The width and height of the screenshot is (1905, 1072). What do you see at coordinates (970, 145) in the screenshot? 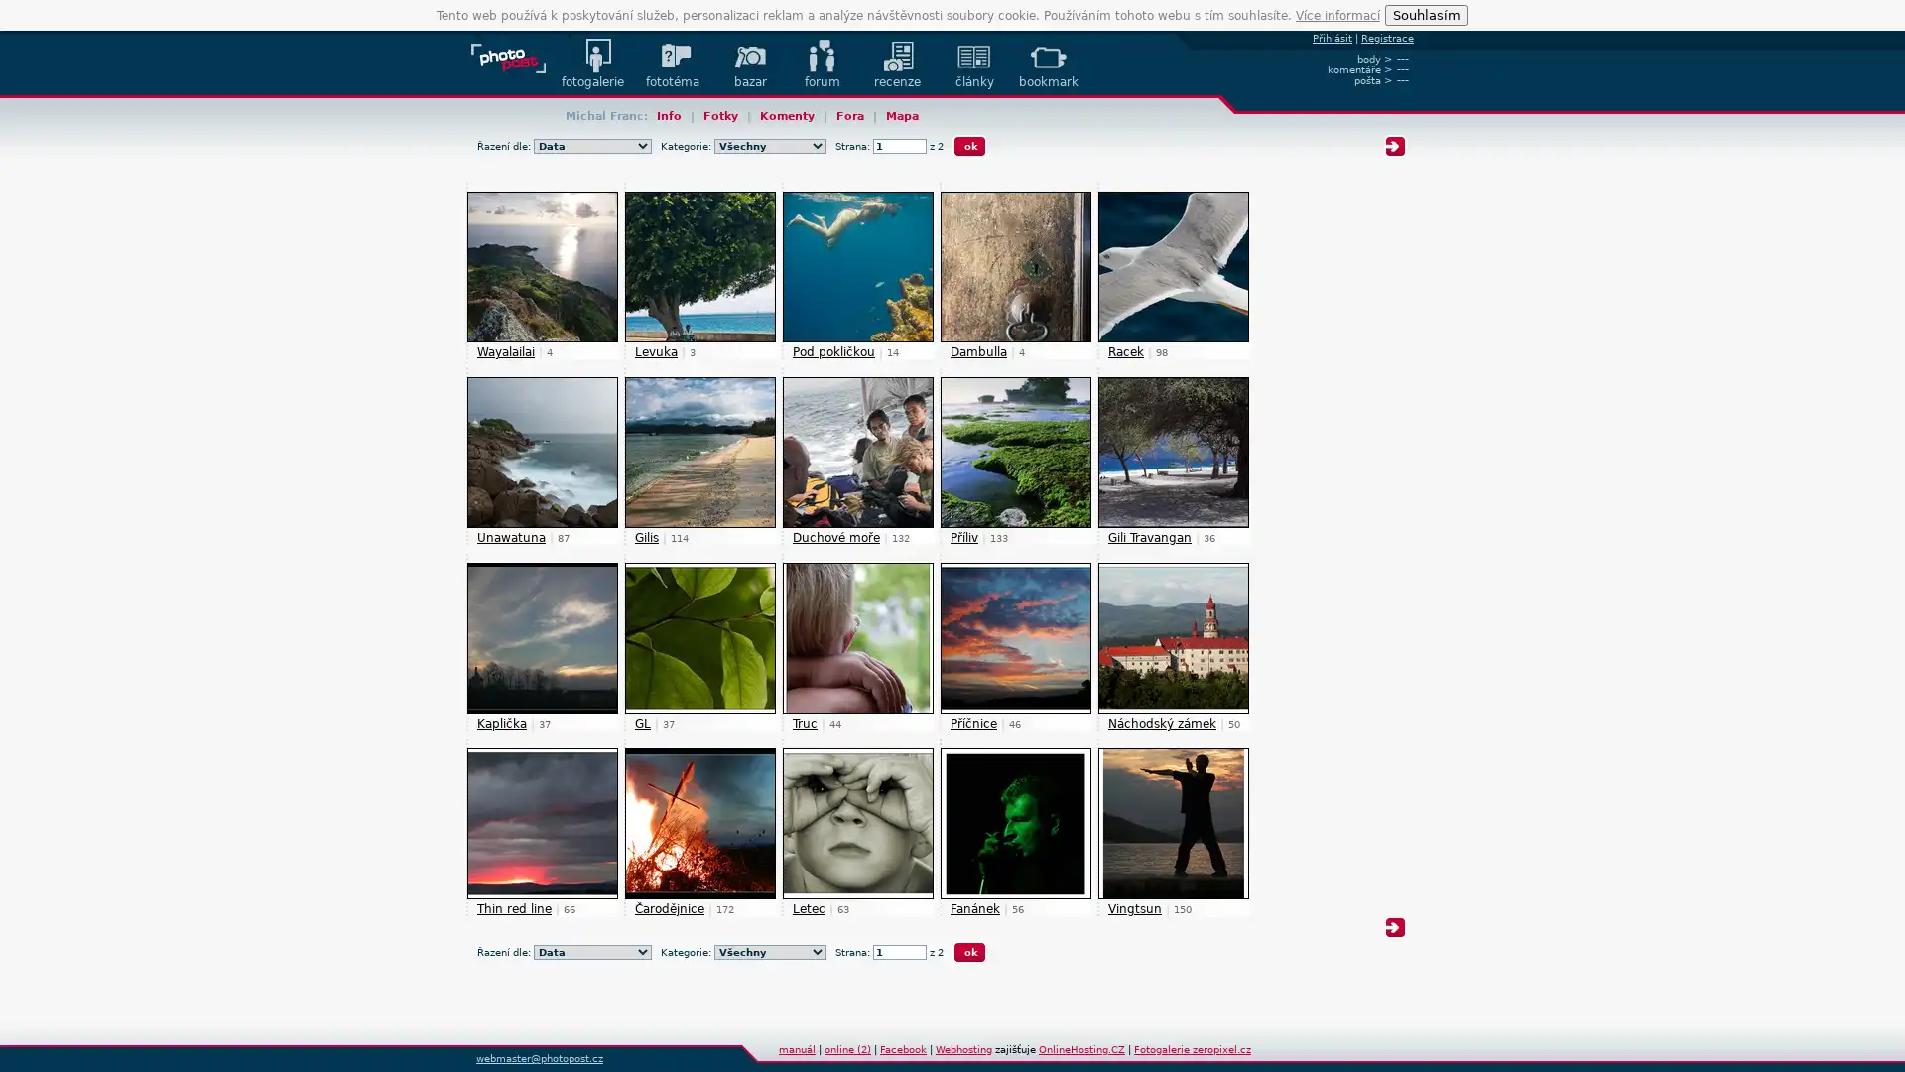
I see `ok` at bounding box center [970, 145].